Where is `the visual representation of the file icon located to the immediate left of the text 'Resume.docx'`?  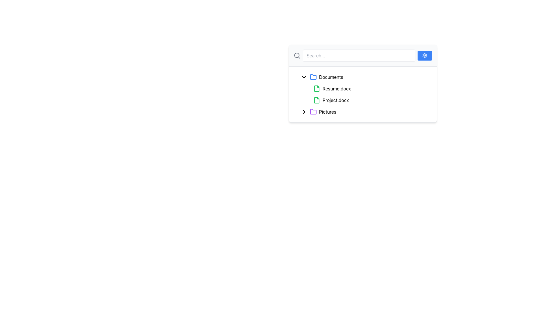 the visual representation of the file icon located to the immediate left of the text 'Resume.docx' is located at coordinates (317, 88).